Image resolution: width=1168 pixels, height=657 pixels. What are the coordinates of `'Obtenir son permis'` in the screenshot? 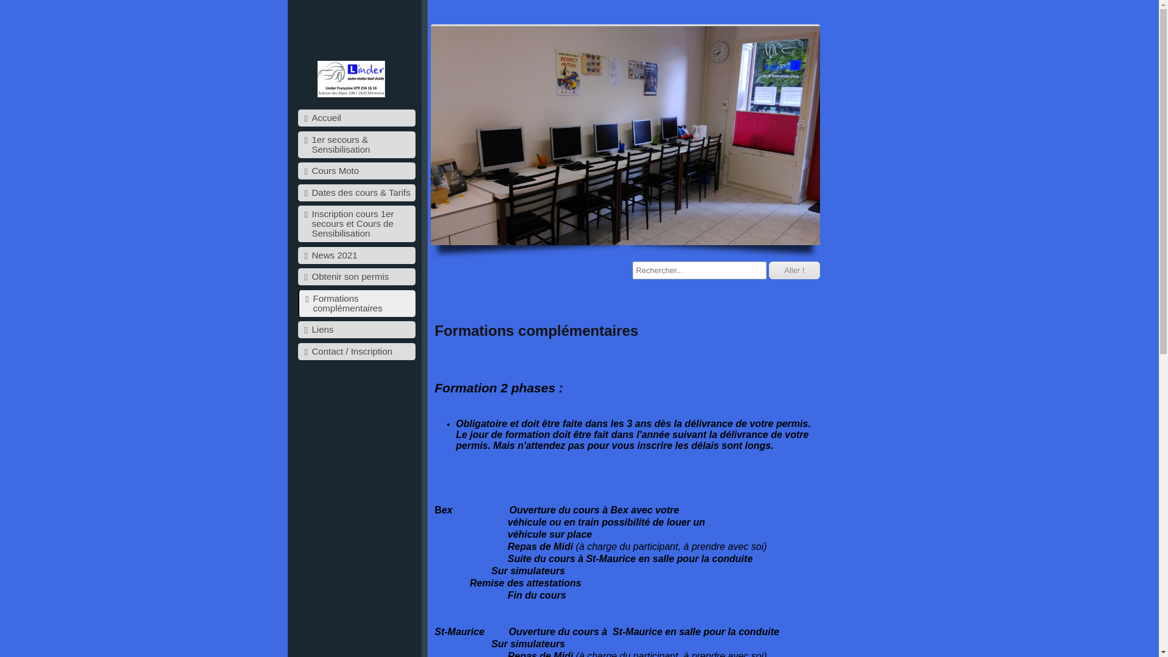 It's located at (356, 277).